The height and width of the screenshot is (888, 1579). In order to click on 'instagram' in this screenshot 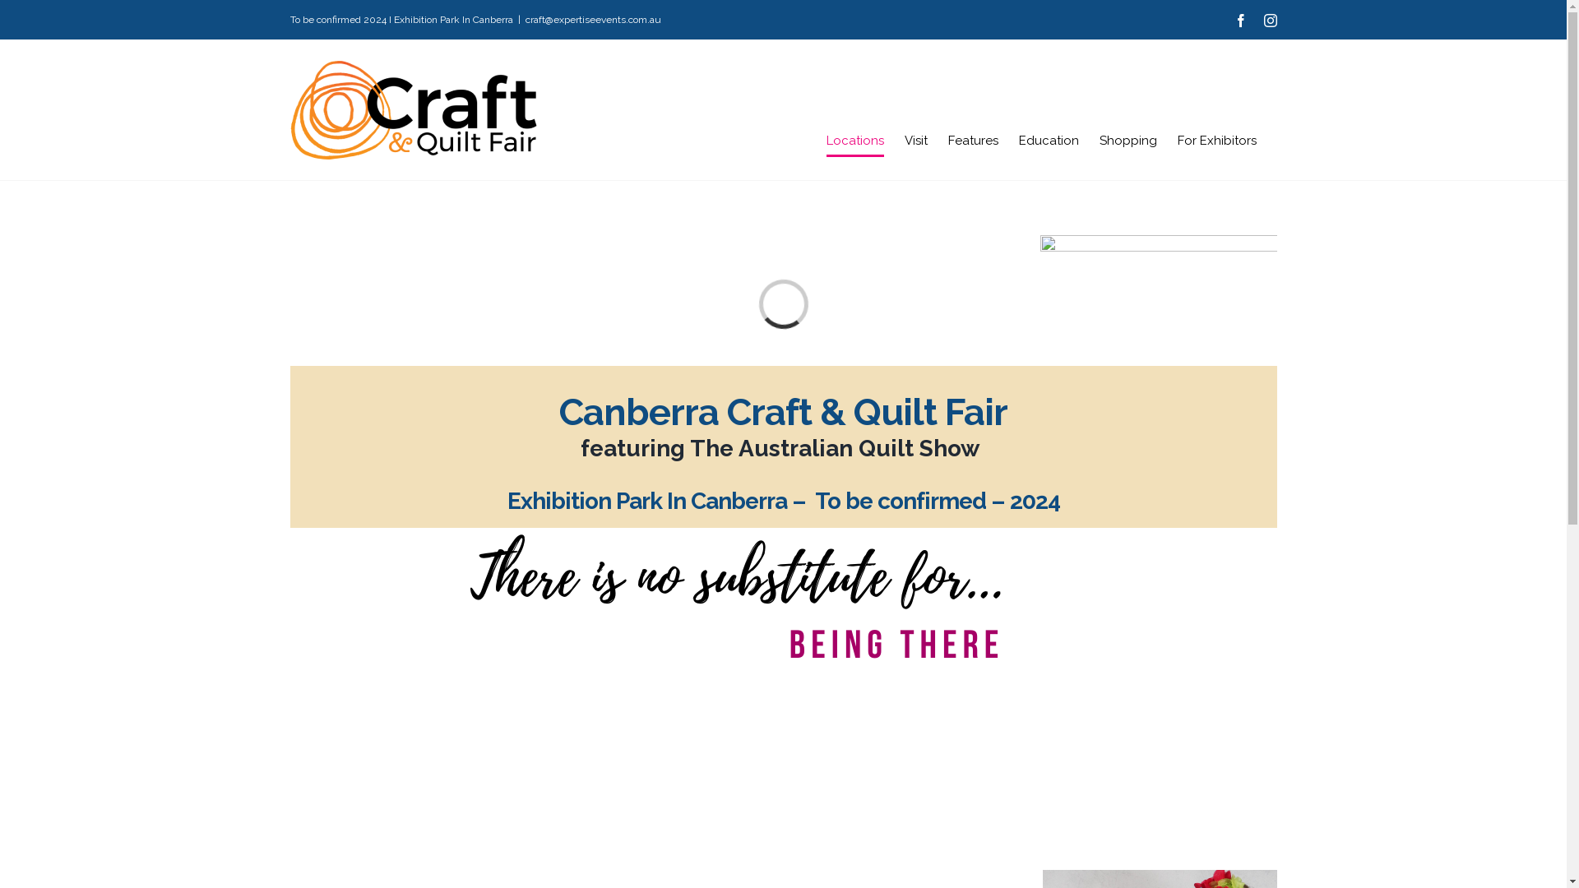, I will do `click(1269, 20)`.